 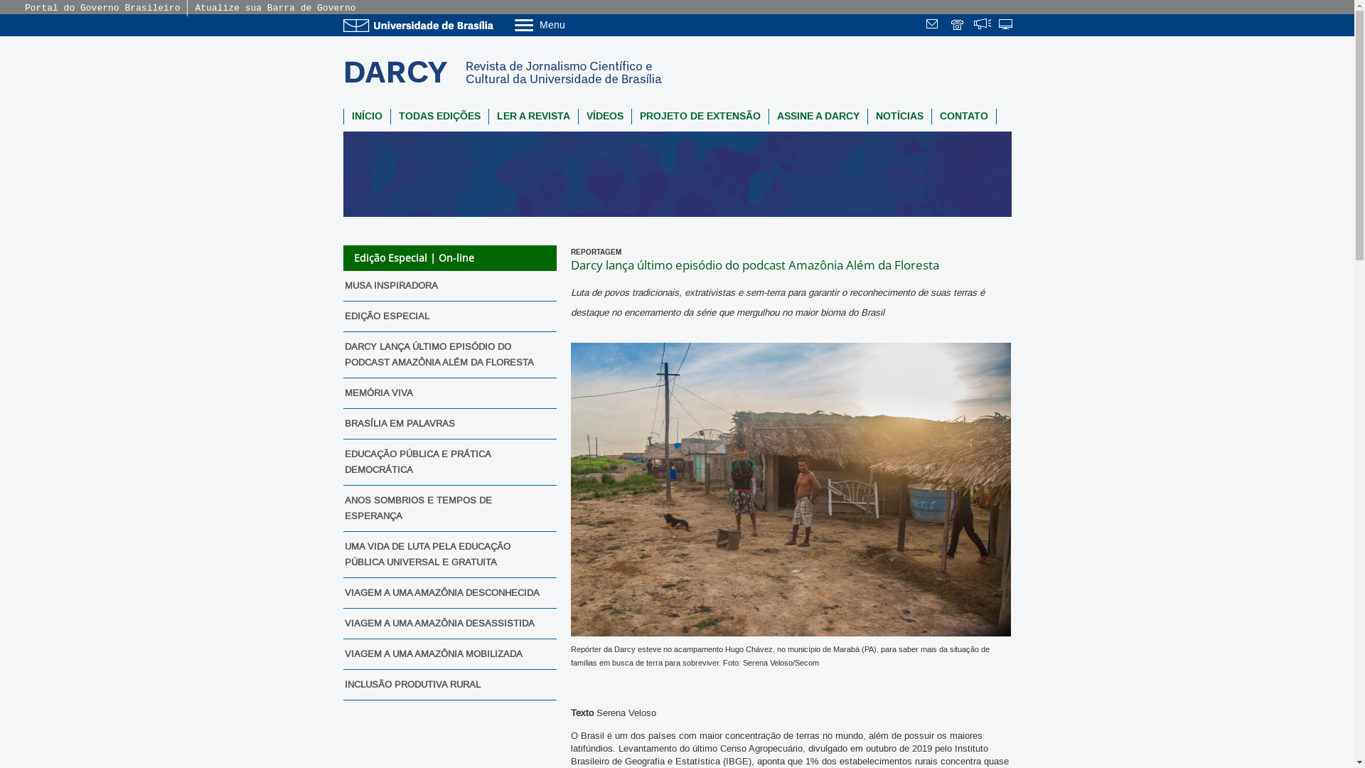 I want to click on 'Sistemas', so click(x=1006, y=26).